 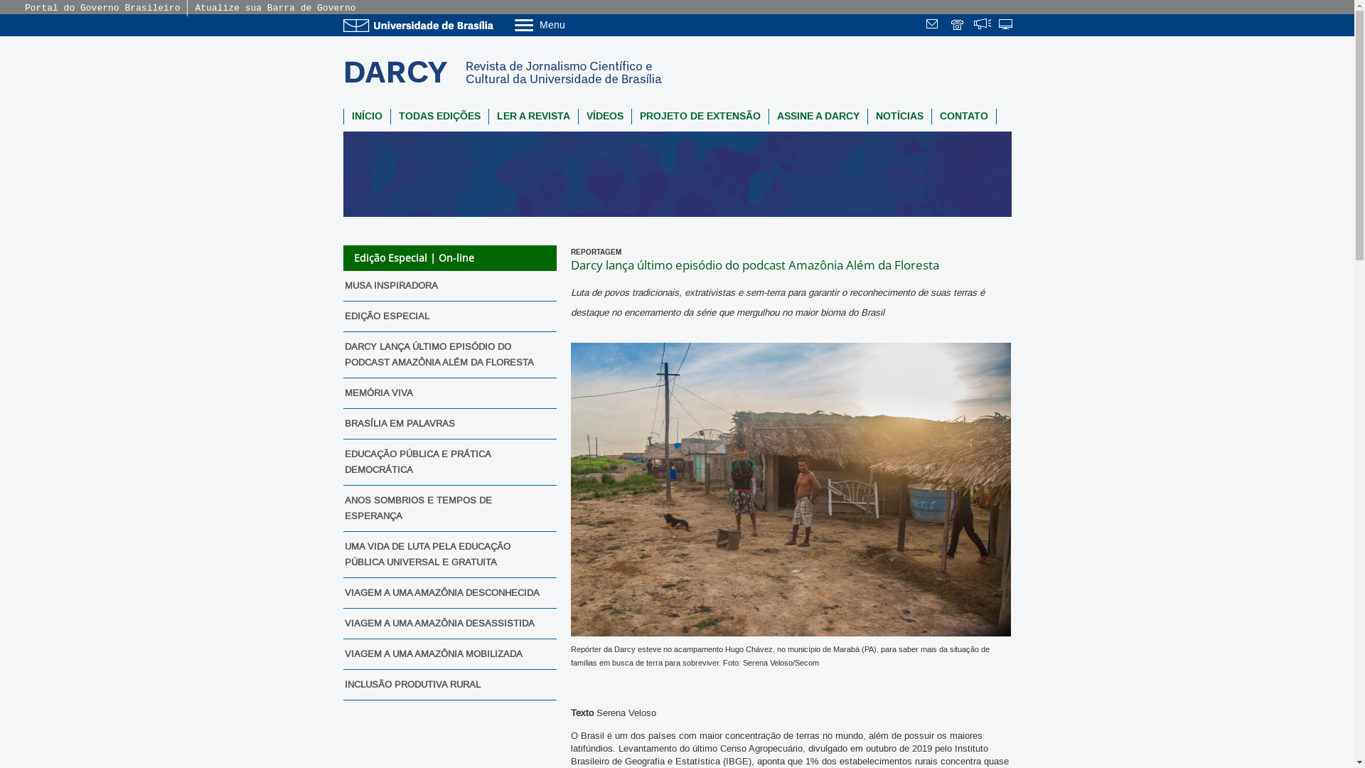 I want to click on 'Sistemas', so click(x=1006, y=26).